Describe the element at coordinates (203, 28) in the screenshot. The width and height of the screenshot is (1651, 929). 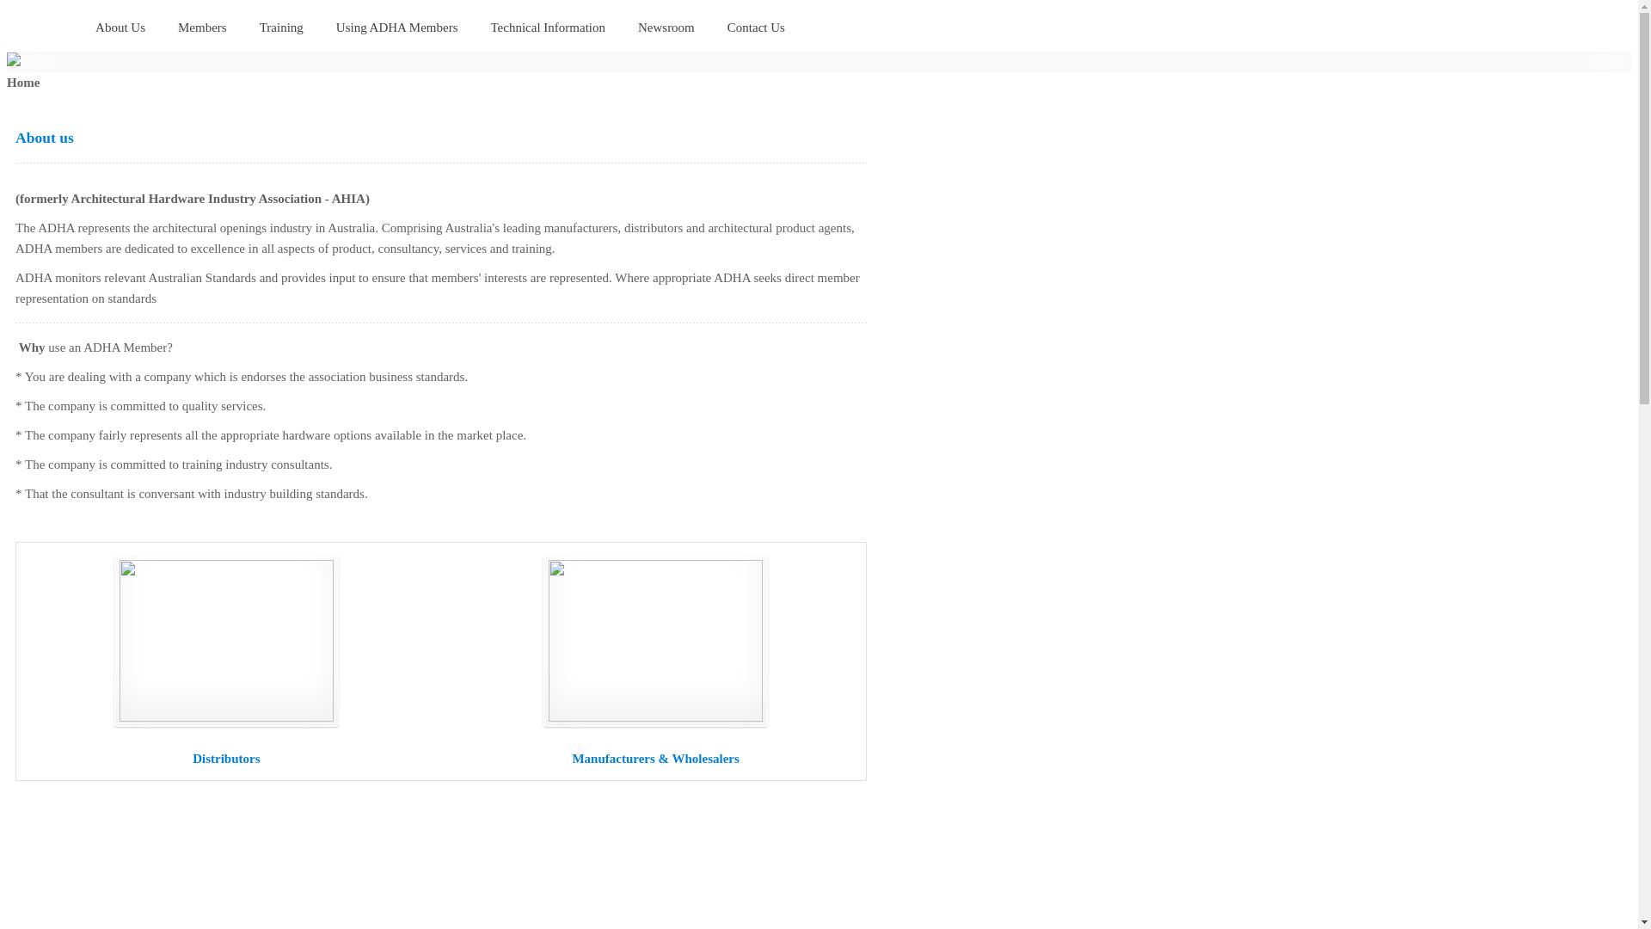
I see `'Members'` at that location.